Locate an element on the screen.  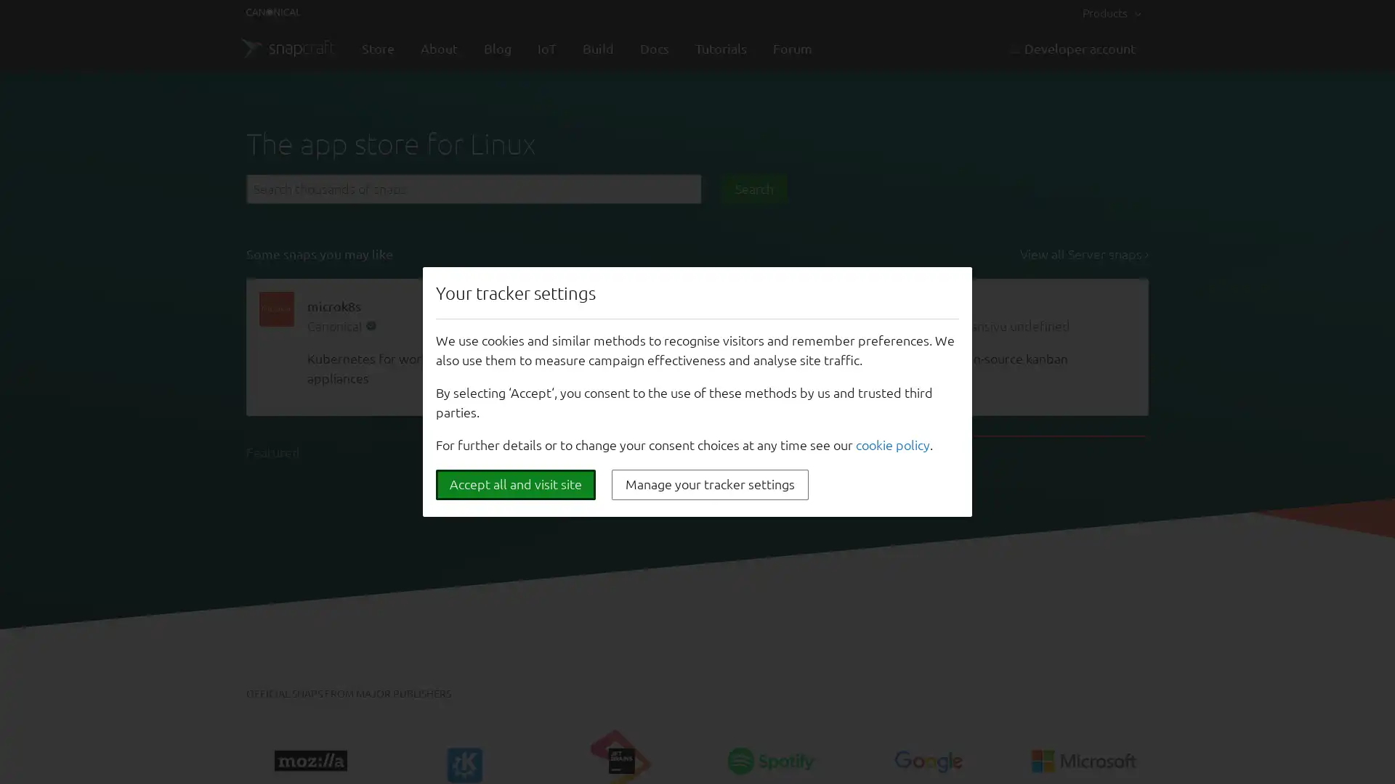
Accept all and visit site is located at coordinates (516, 484).